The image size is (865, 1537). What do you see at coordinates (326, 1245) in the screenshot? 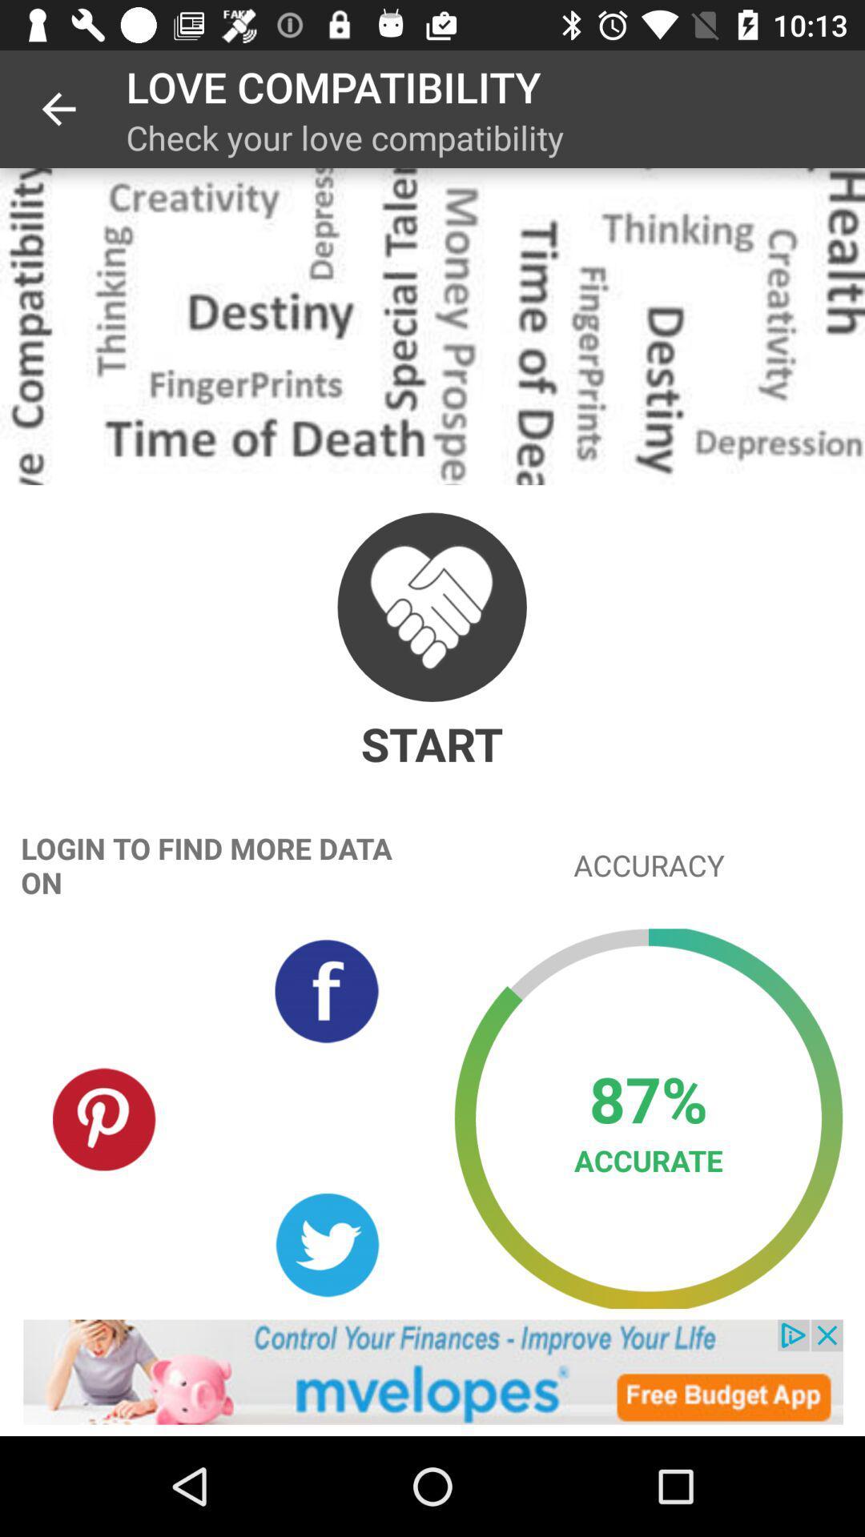
I see `share with twitter` at bounding box center [326, 1245].